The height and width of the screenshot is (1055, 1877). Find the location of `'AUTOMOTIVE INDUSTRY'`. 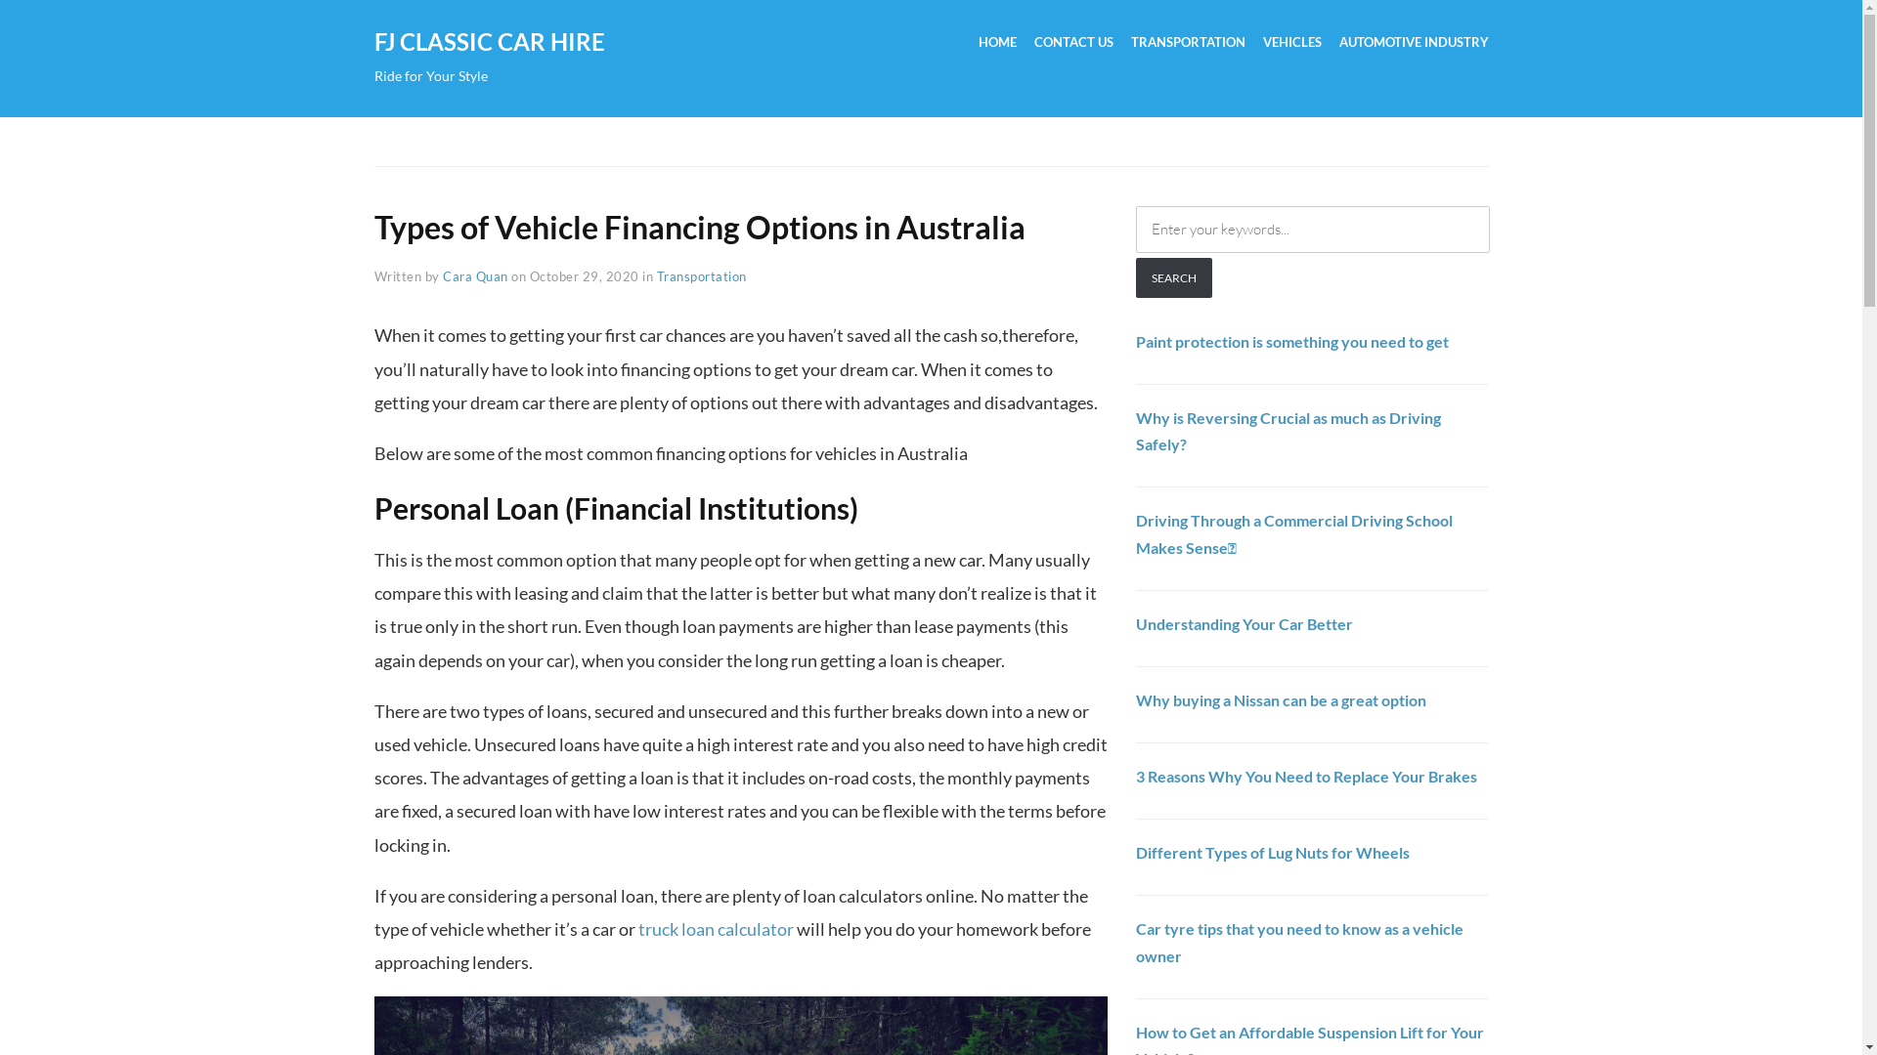

'AUTOMOTIVE INDUSTRY' is located at coordinates (1414, 43).